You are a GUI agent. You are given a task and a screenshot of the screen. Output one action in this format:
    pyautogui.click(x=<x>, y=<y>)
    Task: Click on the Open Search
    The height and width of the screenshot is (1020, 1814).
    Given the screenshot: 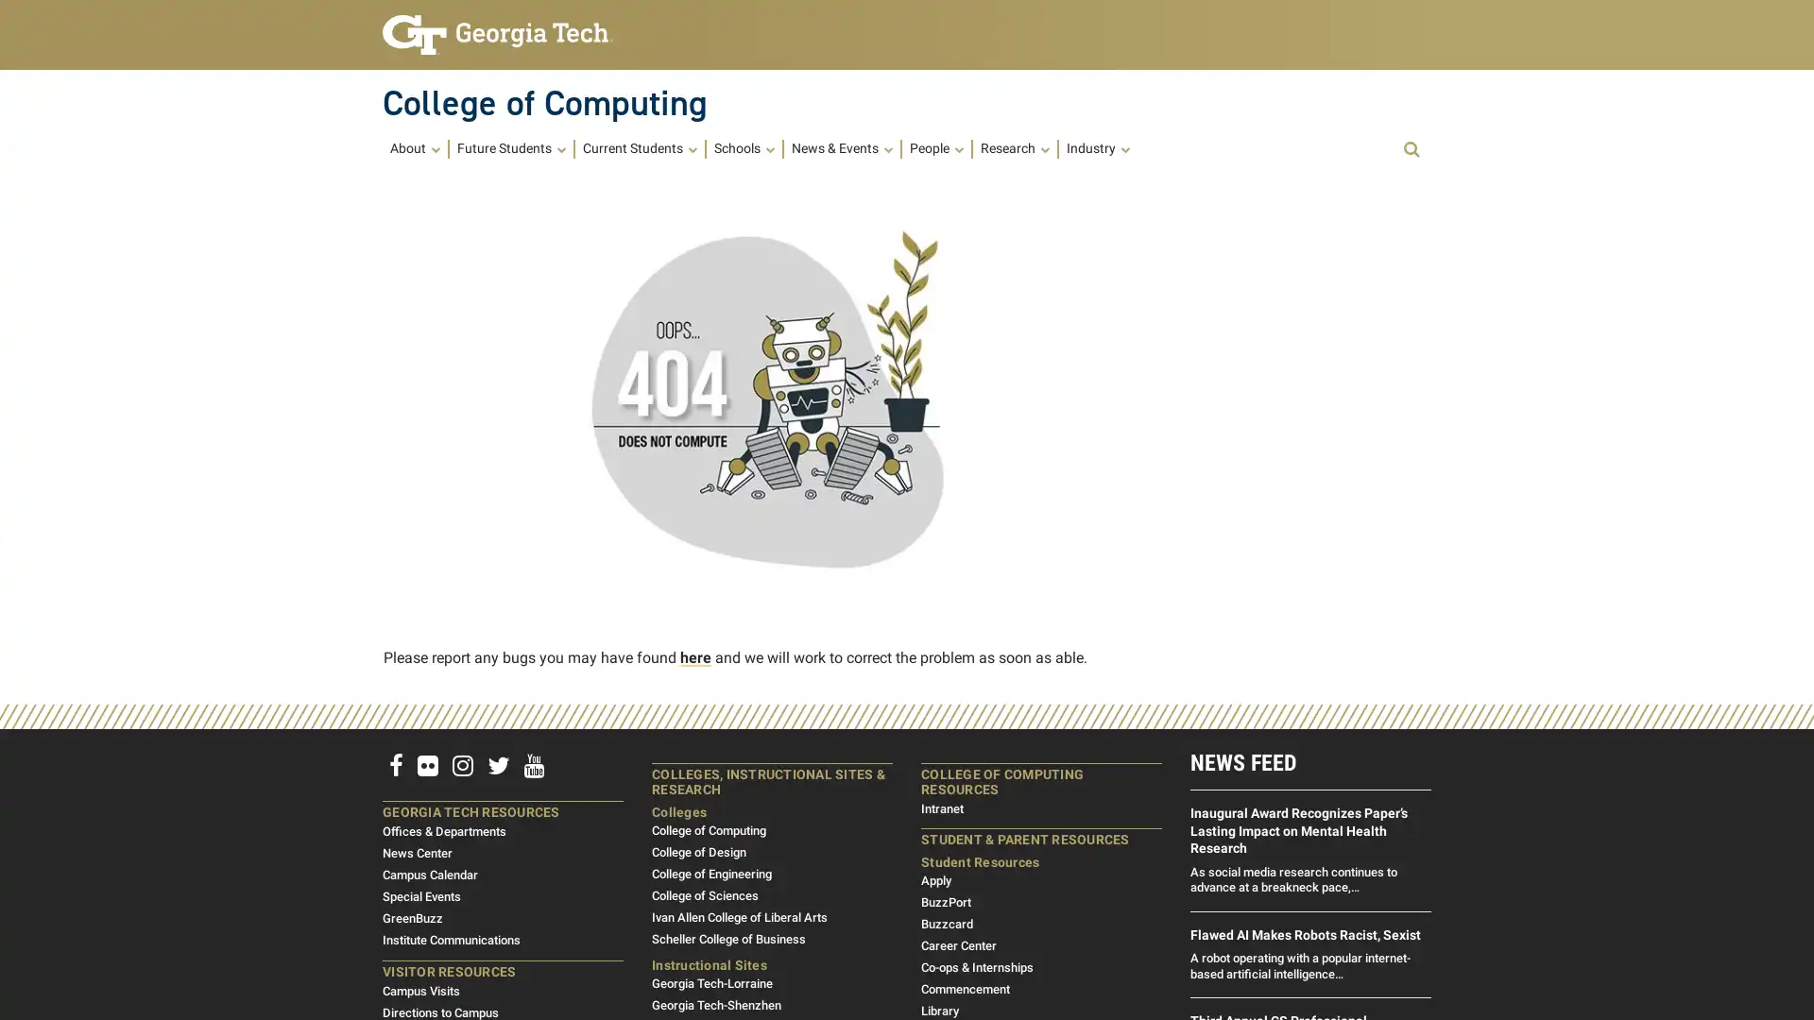 What is the action you would take?
    pyautogui.click(x=1411, y=148)
    